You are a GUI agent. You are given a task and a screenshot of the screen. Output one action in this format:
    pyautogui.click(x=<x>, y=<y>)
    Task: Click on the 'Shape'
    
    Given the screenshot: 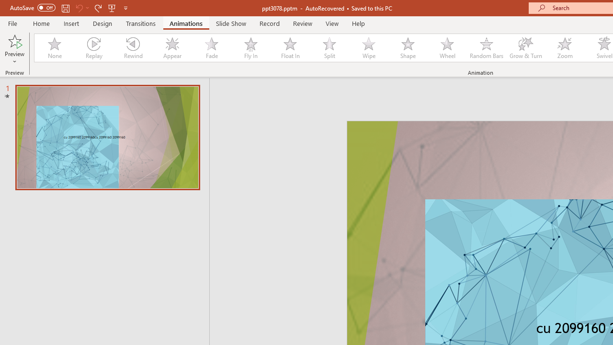 What is the action you would take?
    pyautogui.click(x=408, y=48)
    